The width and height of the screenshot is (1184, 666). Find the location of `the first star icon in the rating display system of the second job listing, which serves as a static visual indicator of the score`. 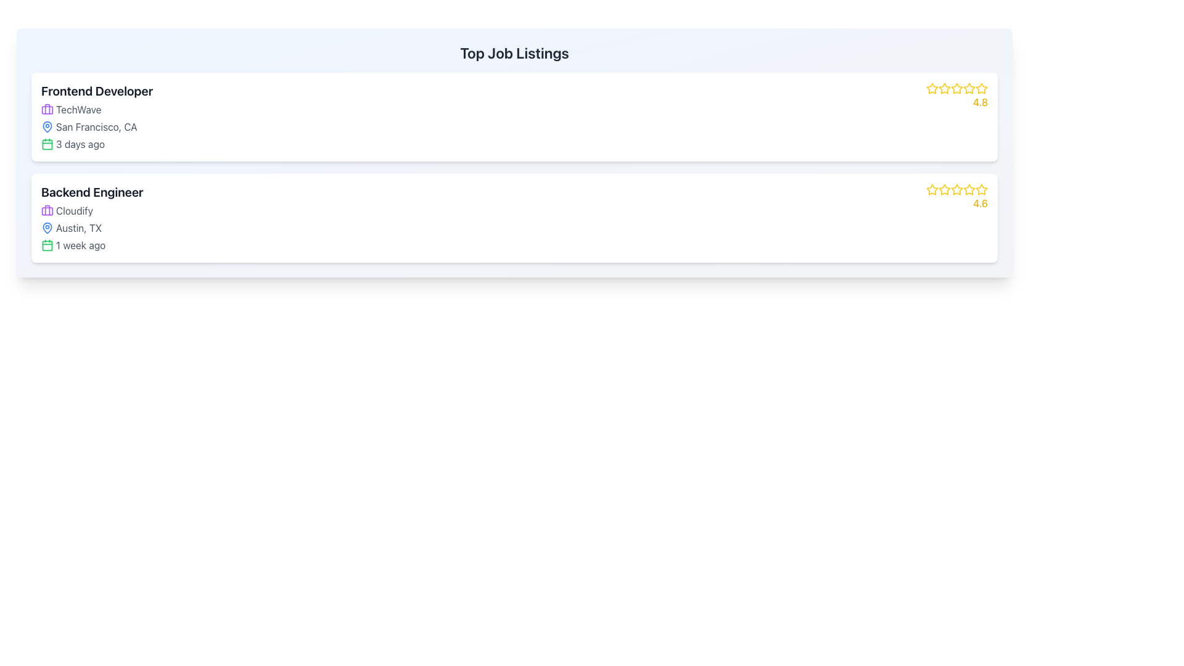

the first star icon in the rating display system of the second job listing, which serves as a static visual indicator of the score is located at coordinates (932, 190).